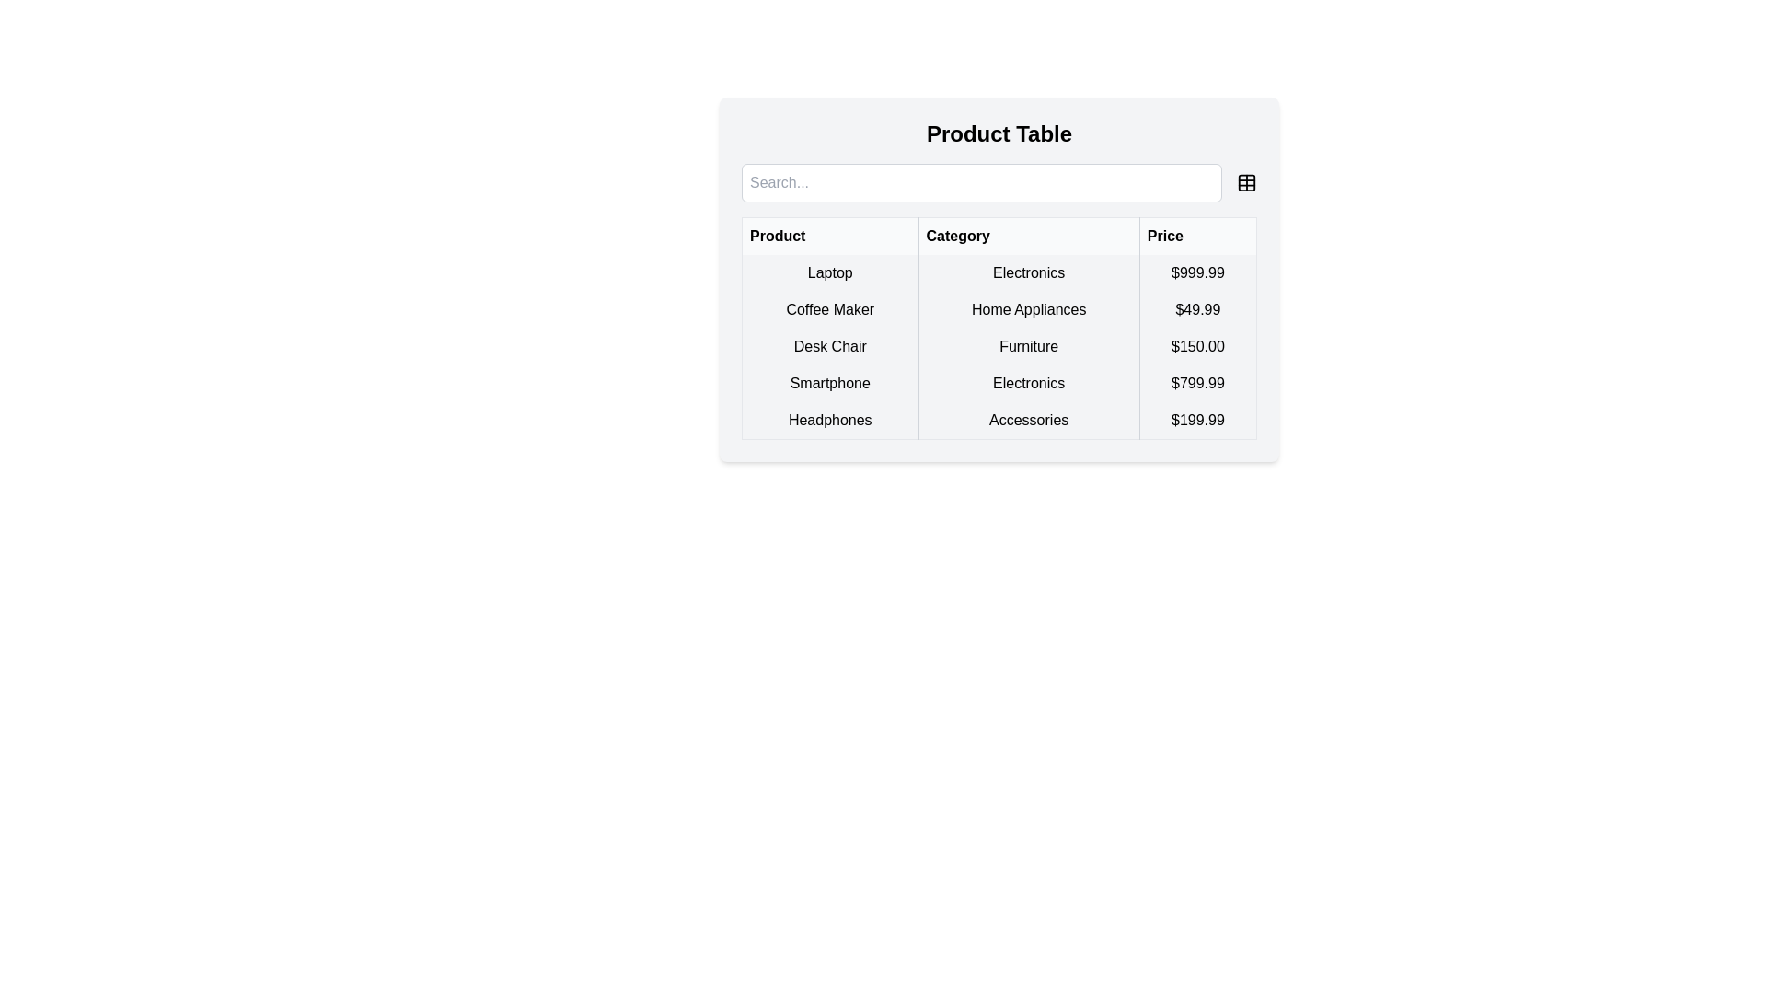 This screenshot has width=1767, height=994. I want to click on the static text label in the second row of the product table that indicates the category information for the product 'Coffee Maker', so click(1028, 308).